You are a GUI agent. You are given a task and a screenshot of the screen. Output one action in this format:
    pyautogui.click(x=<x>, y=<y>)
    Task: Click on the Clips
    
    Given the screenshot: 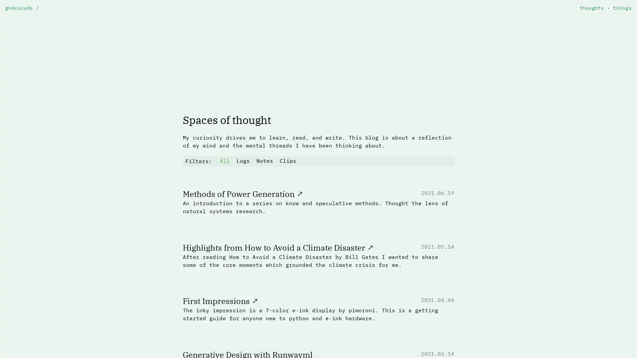 What is the action you would take?
    pyautogui.click(x=288, y=161)
    